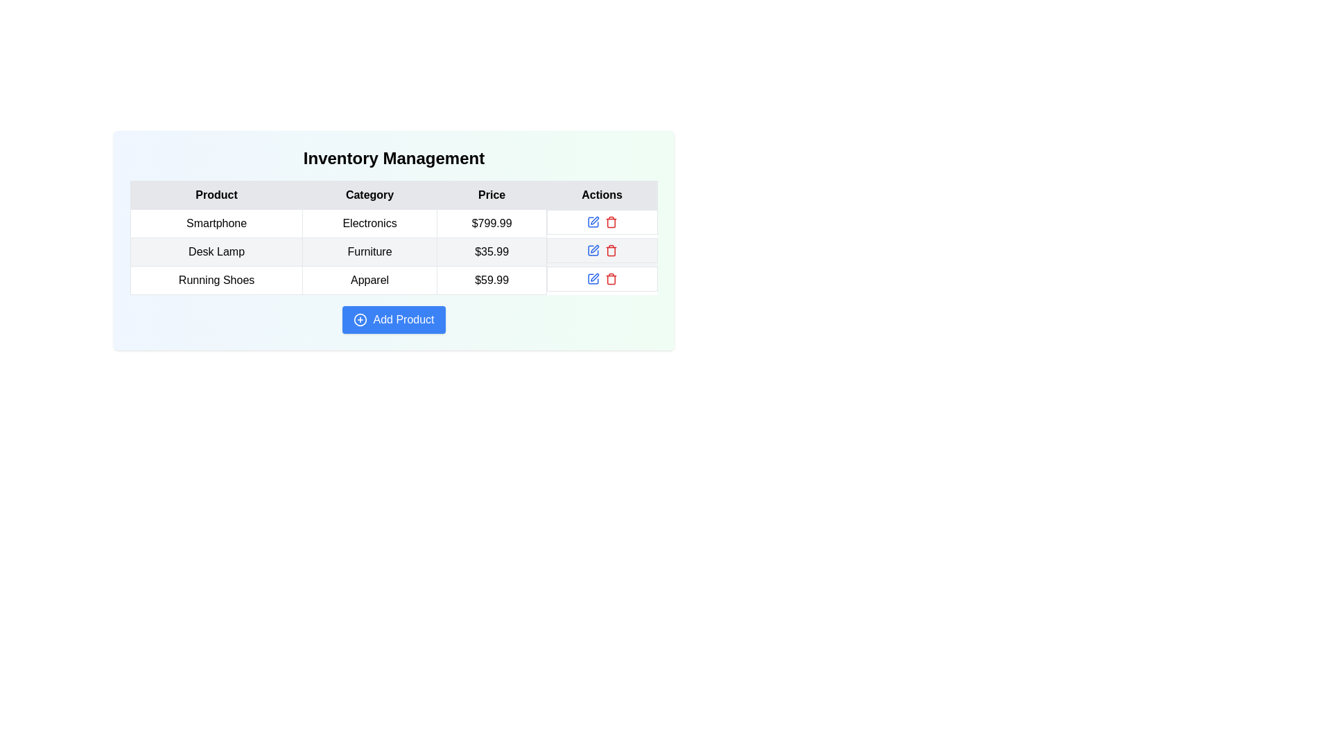  What do you see at coordinates (216, 251) in the screenshot?
I see `the text label displaying 'Desk Lamp' in the 'Product' column of the table, located in the second row, first column` at bounding box center [216, 251].